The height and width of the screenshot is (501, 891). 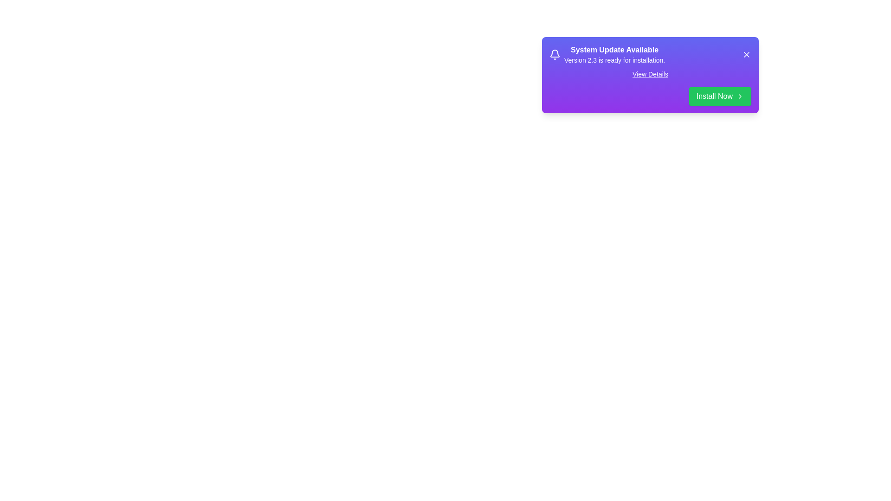 I want to click on the 'Install Now' button to start the installation process, so click(x=719, y=96).